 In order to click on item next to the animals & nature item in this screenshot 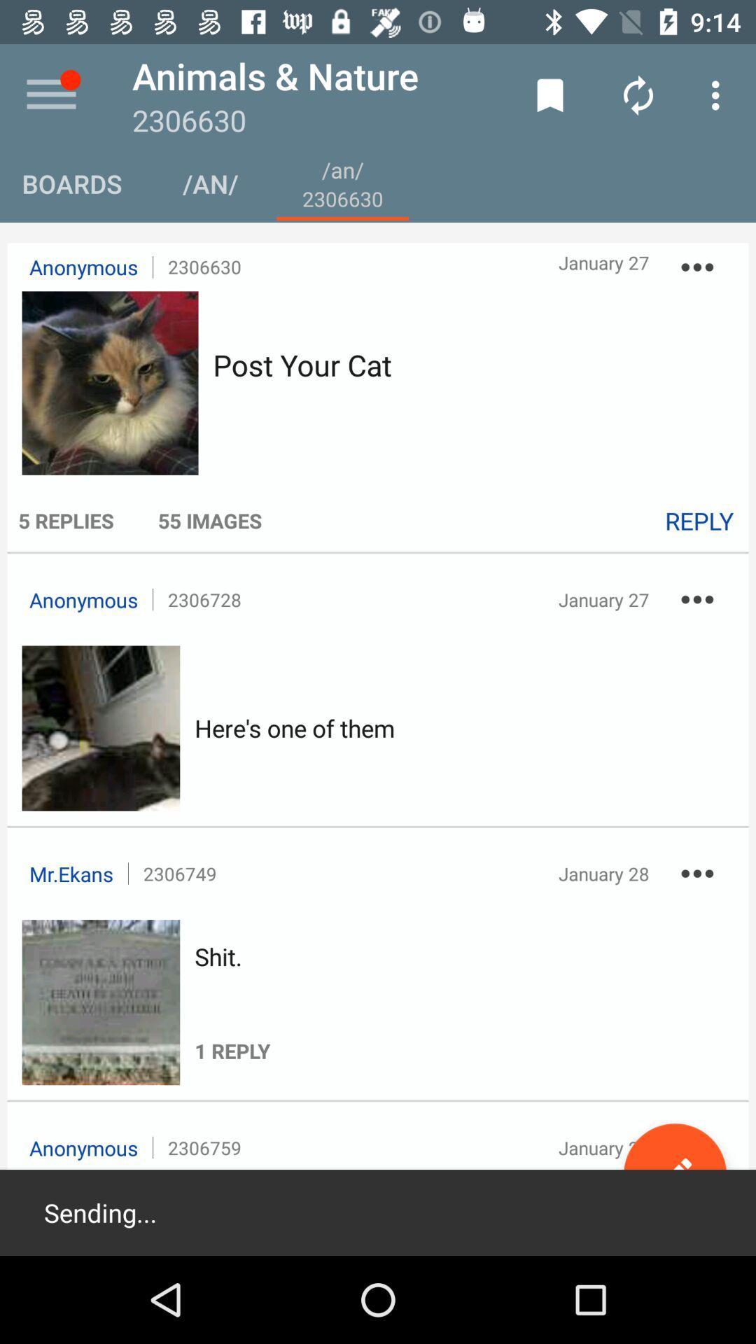, I will do `click(549, 94)`.